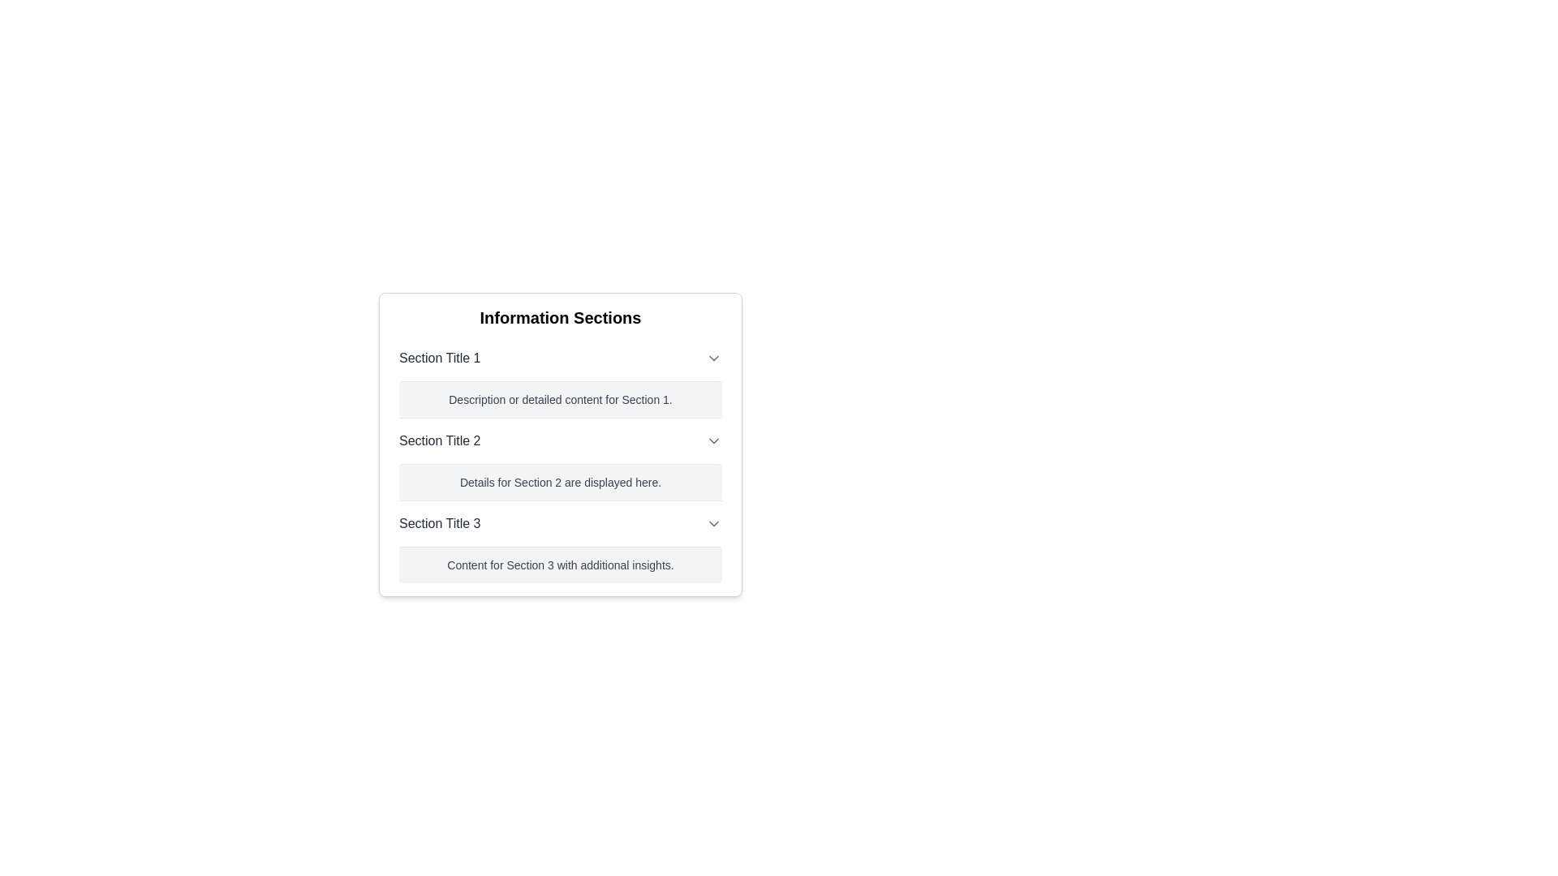 This screenshot has height=876, width=1558. What do you see at coordinates (440, 358) in the screenshot?
I see `the text label reading 'Section Title 1' styled in a medium-sized sans-serif font with a dark gray color, located at the top of a vertical list of sections within a centered panel` at bounding box center [440, 358].